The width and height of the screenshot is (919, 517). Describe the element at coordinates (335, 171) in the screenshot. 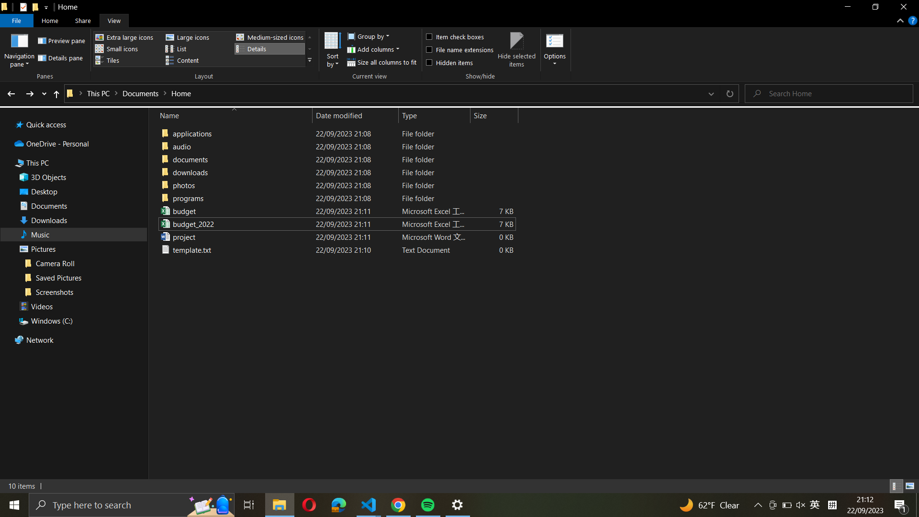

I see `Arrange the files in the "documents" folder alphabetical order` at that location.